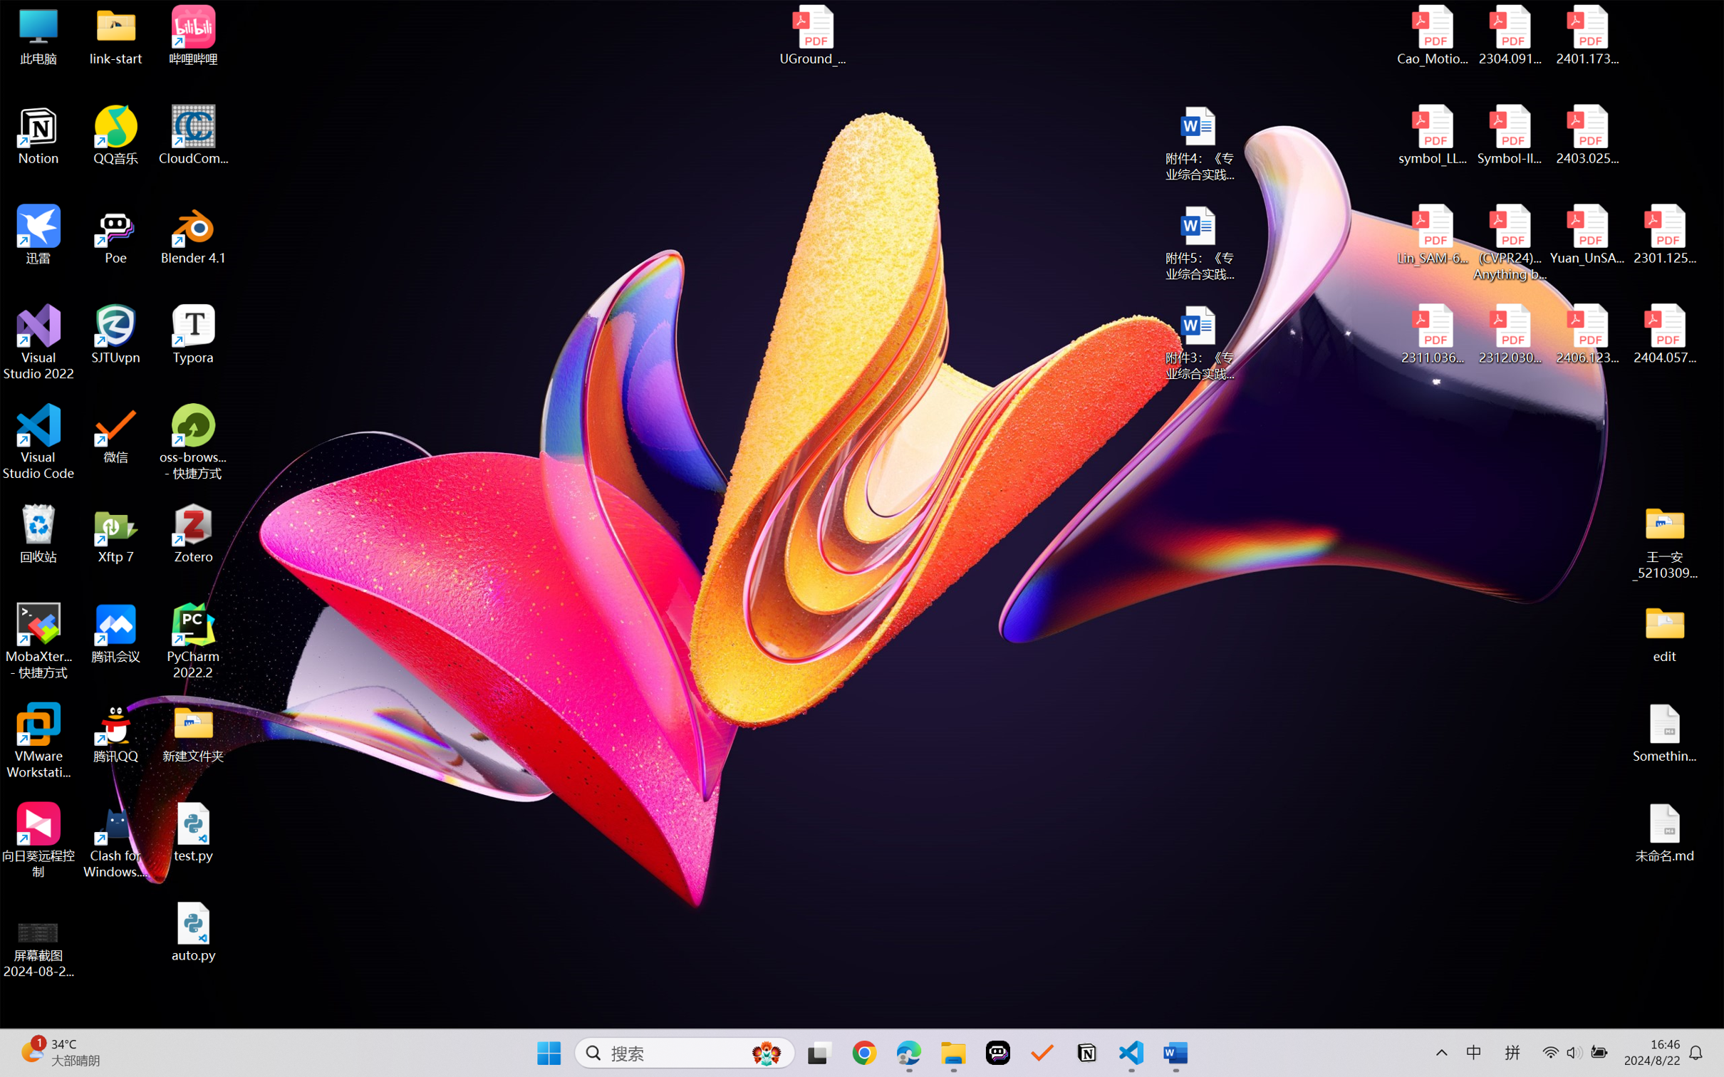  I want to click on '2312.03032v2.pdf', so click(1509, 334).